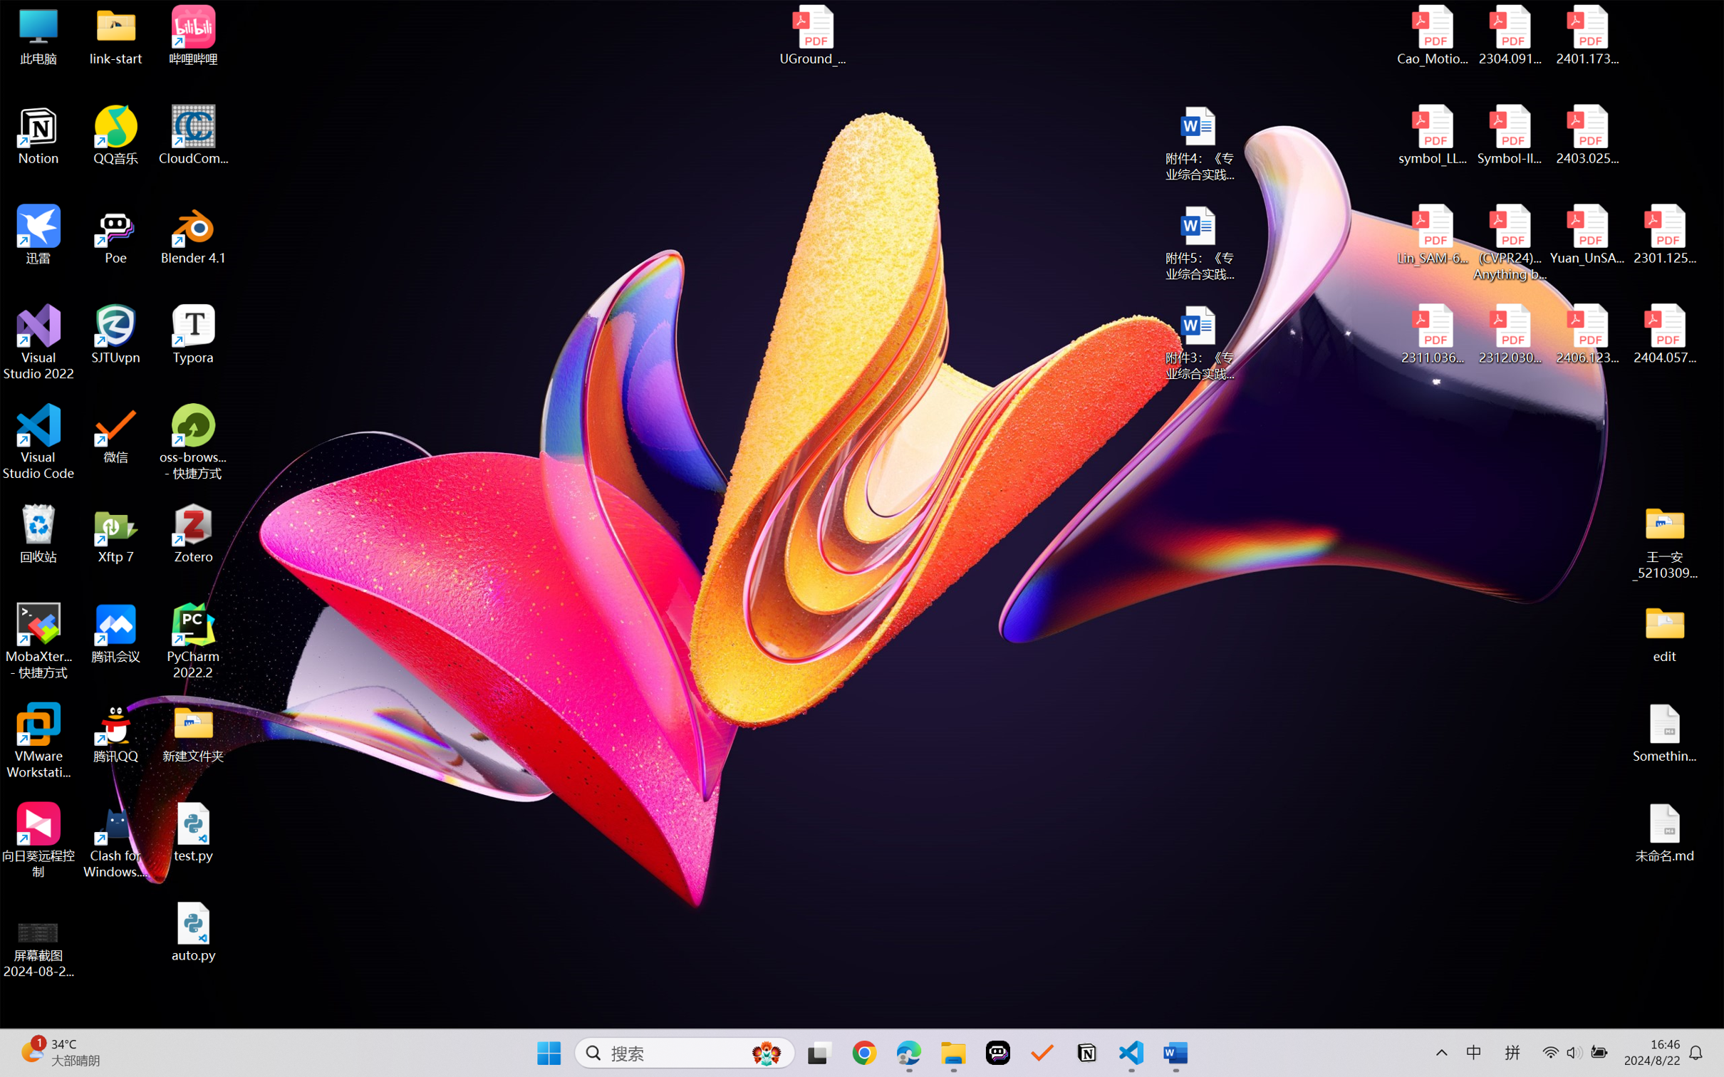  I want to click on '2312.03032v2.pdf', so click(1509, 334).